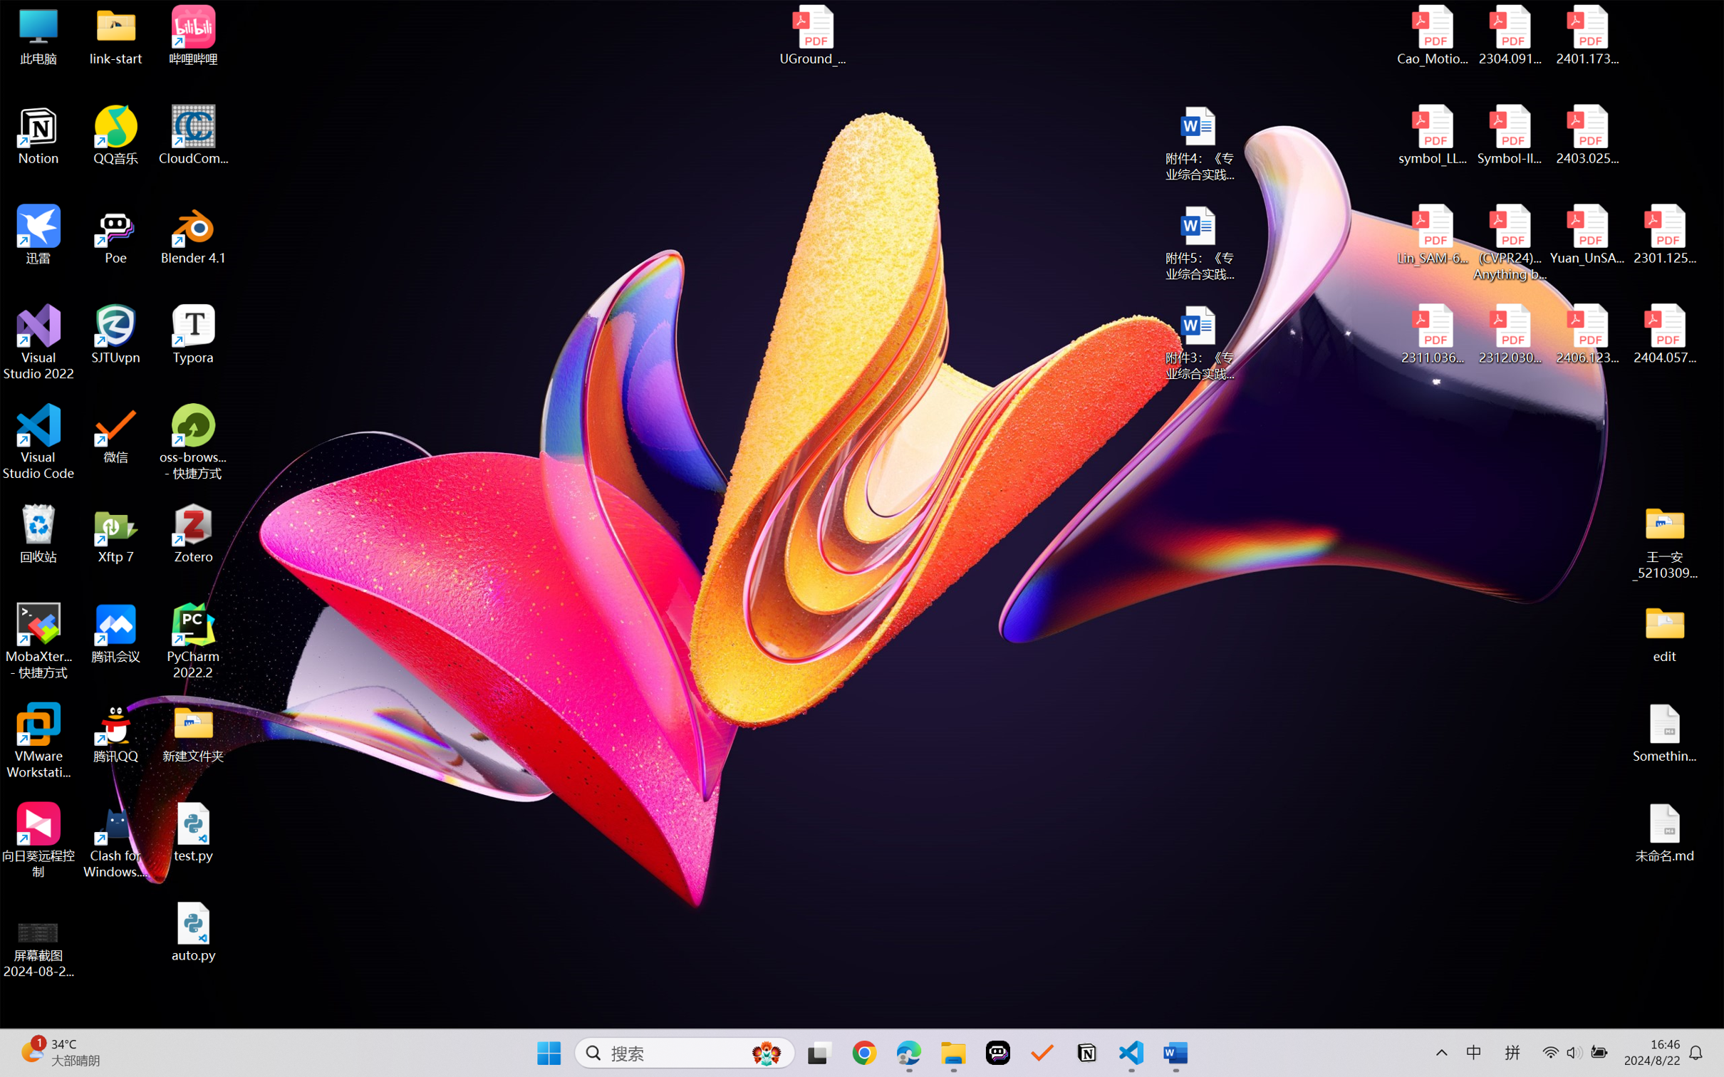  I want to click on '2312.03032v2.pdf', so click(1509, 334).